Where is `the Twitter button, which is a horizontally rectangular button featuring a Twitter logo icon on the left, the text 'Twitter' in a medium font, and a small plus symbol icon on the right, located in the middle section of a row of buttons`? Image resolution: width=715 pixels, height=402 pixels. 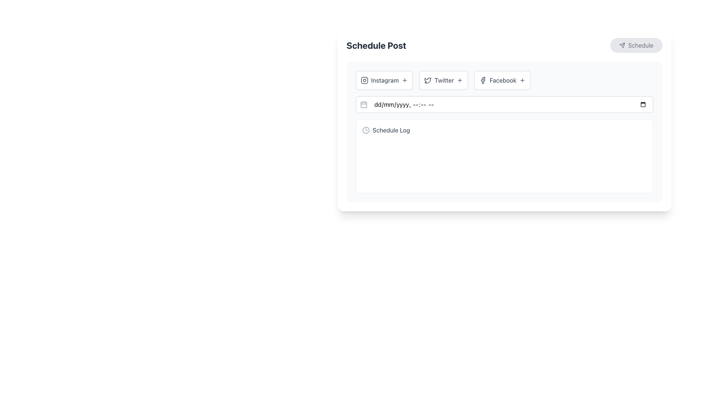
the Twitter button, which is a horizontally rectangular button featuring a Twitter logo icon on the left, the text 'Twitter' in a medium font, and a small plus symbol icon on the right, located in the middle section of a row of buttons is located at coordinates (443, 80).